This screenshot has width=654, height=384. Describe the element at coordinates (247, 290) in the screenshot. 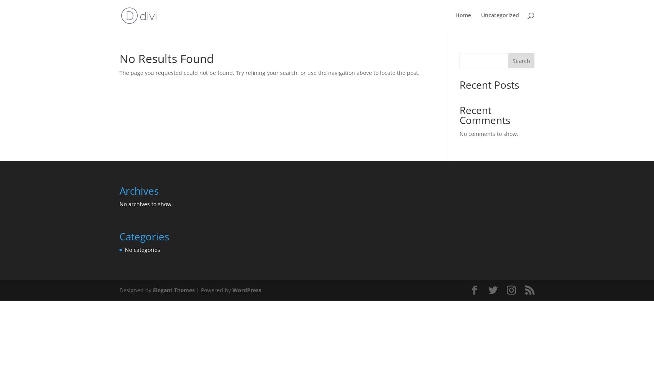

I see `'WordPress'` at that location.